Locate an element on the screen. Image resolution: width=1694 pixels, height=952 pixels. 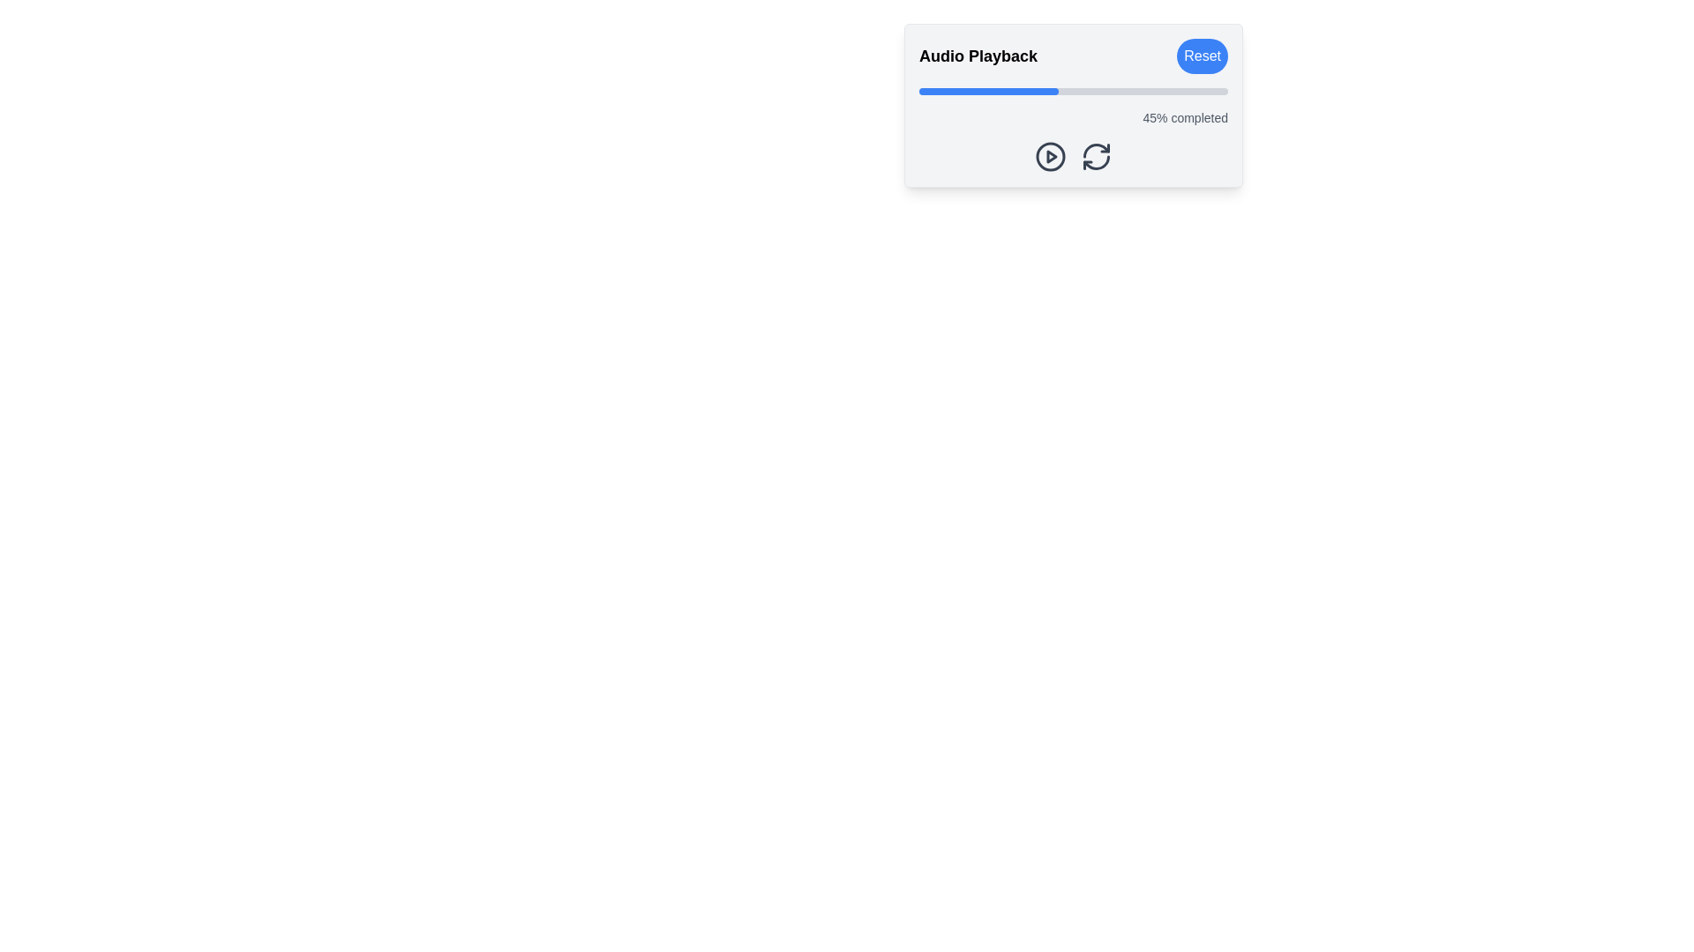
progress is located at coordinates (1188, 92).